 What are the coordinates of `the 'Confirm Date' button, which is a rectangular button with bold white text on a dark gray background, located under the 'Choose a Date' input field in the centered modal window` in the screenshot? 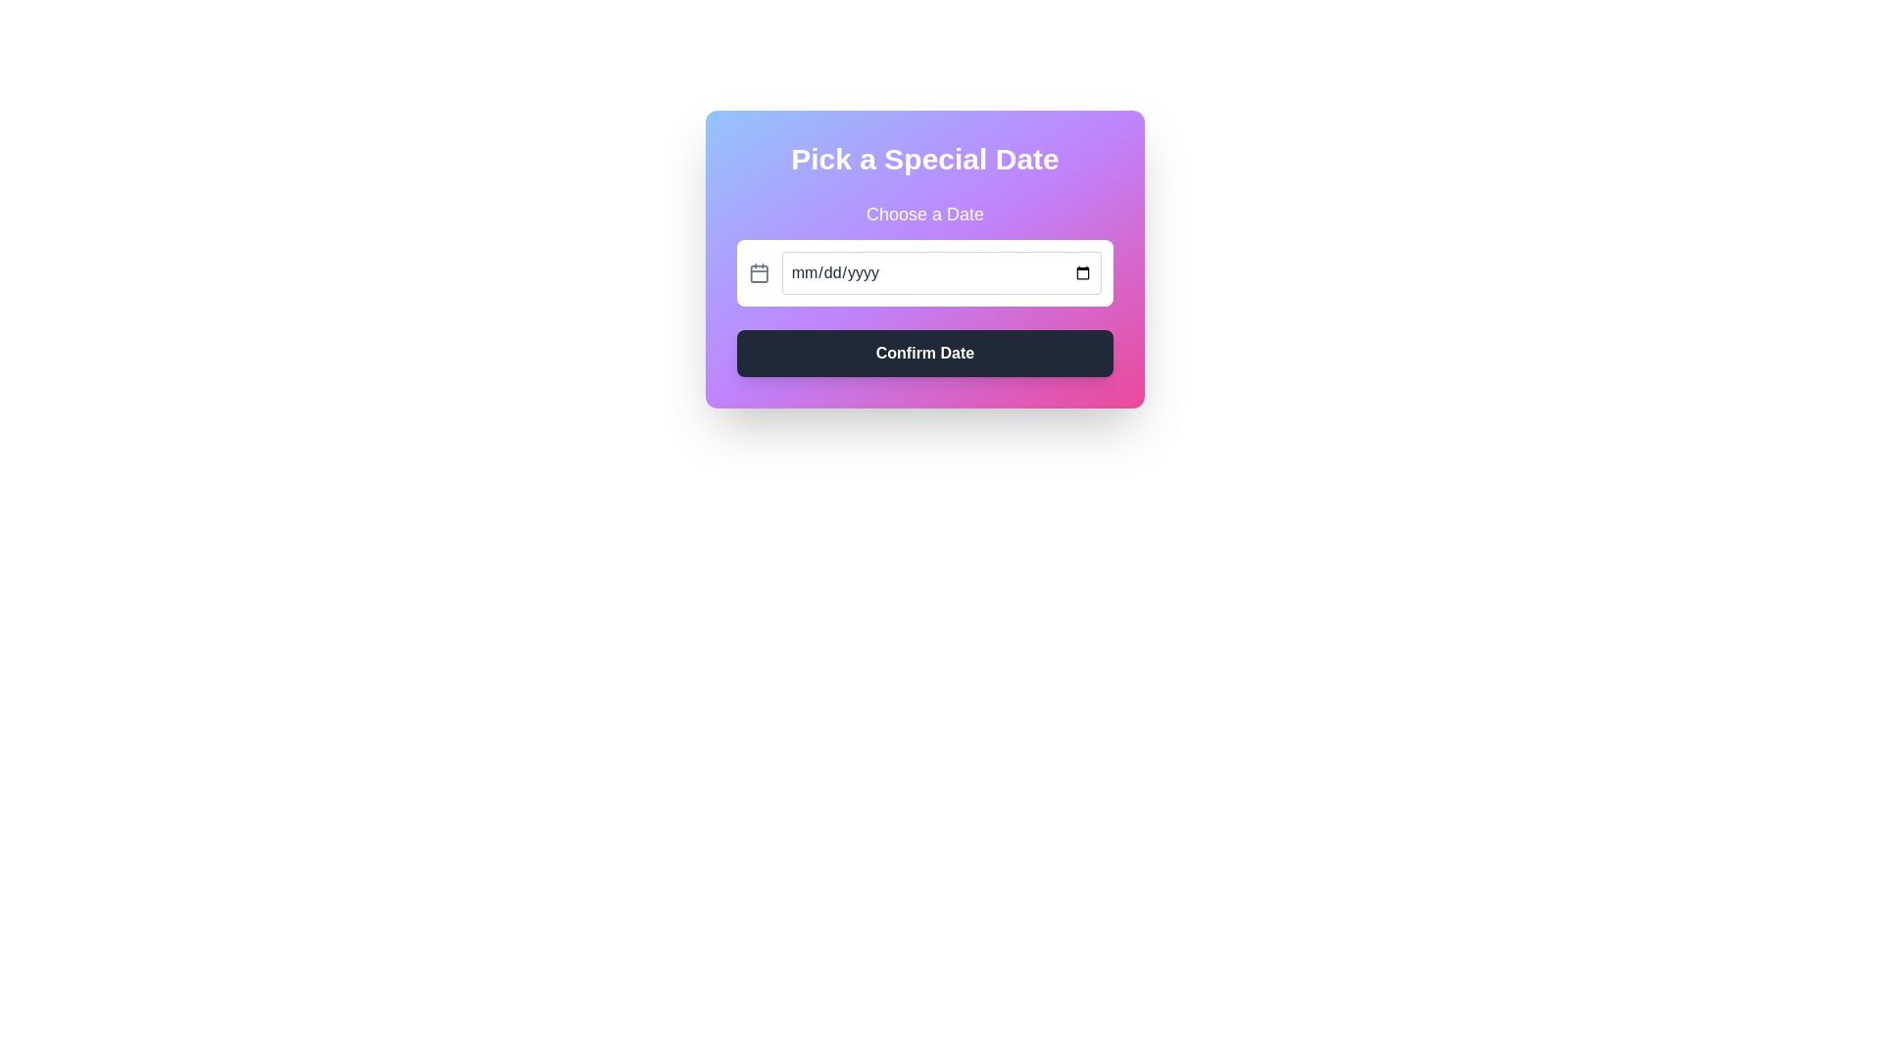 It's located at (924, 354).